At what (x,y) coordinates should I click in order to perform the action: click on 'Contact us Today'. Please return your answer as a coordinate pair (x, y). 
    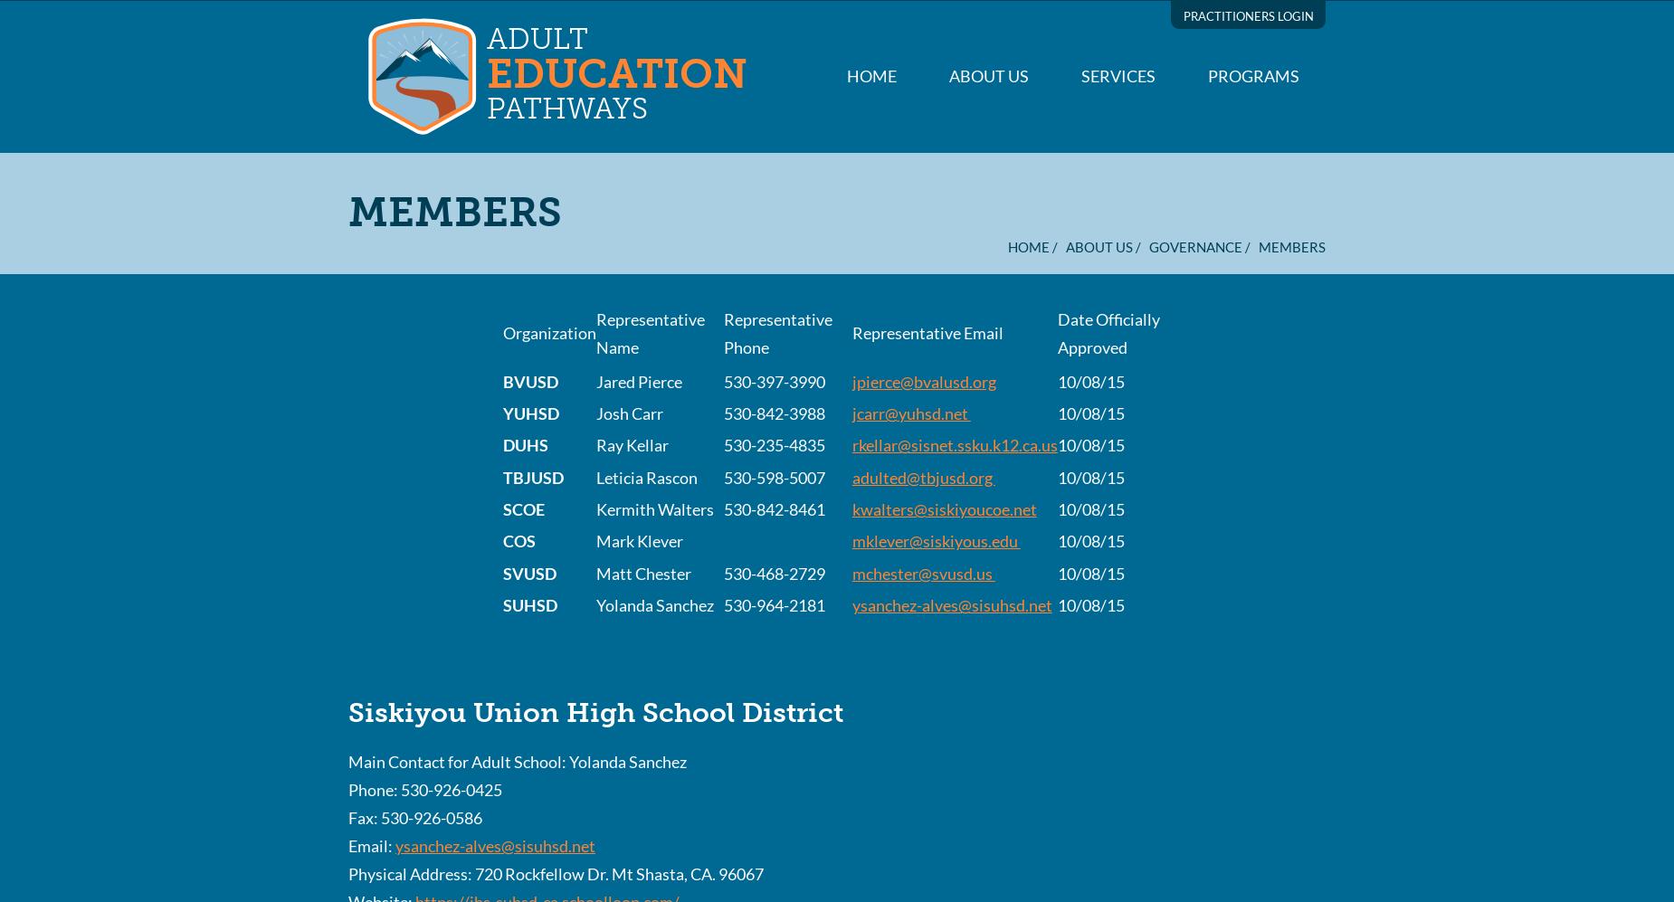
    Looking at the image, I should click on (1041, 592).